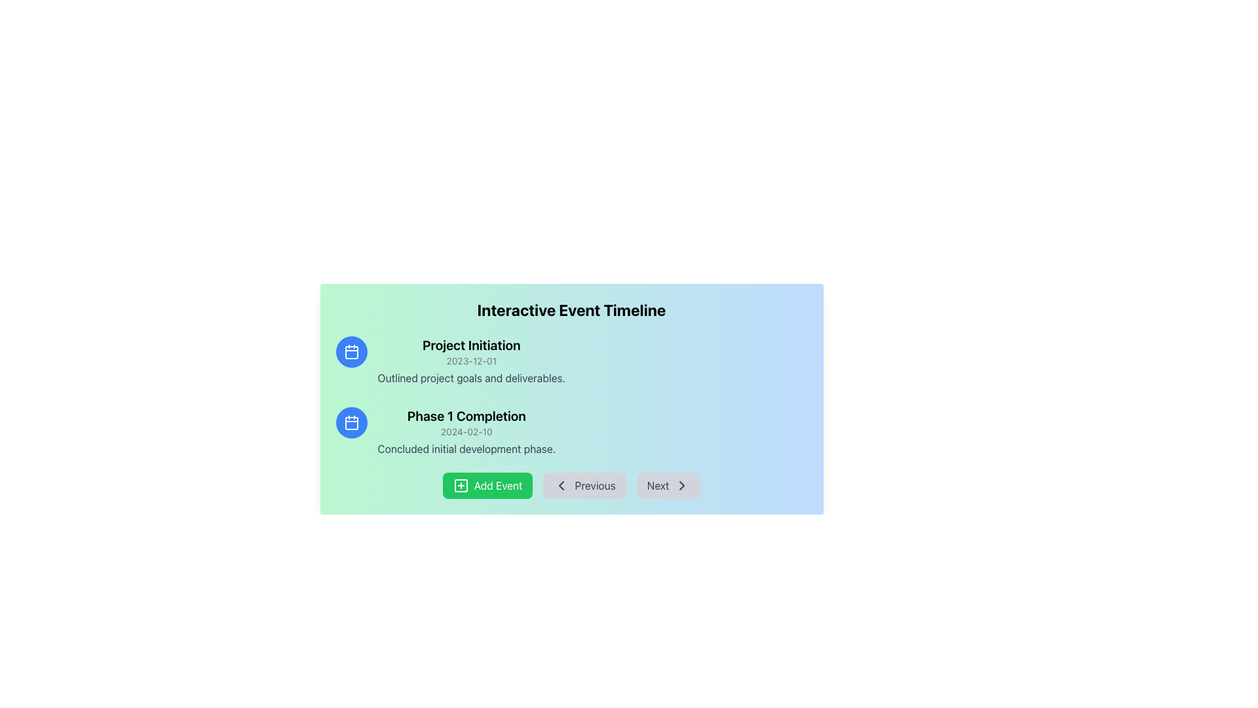 Image resolution: width=1258 pixels, height=708 pixels. Describe the element at coordinates (467, 432) in the screenshot. I see `the text label displaying the date '2024-02-10', which is styled as a timestamp and positioned between 'Phase 1 Completion' and 'Concluded initial development phase'` at that location.